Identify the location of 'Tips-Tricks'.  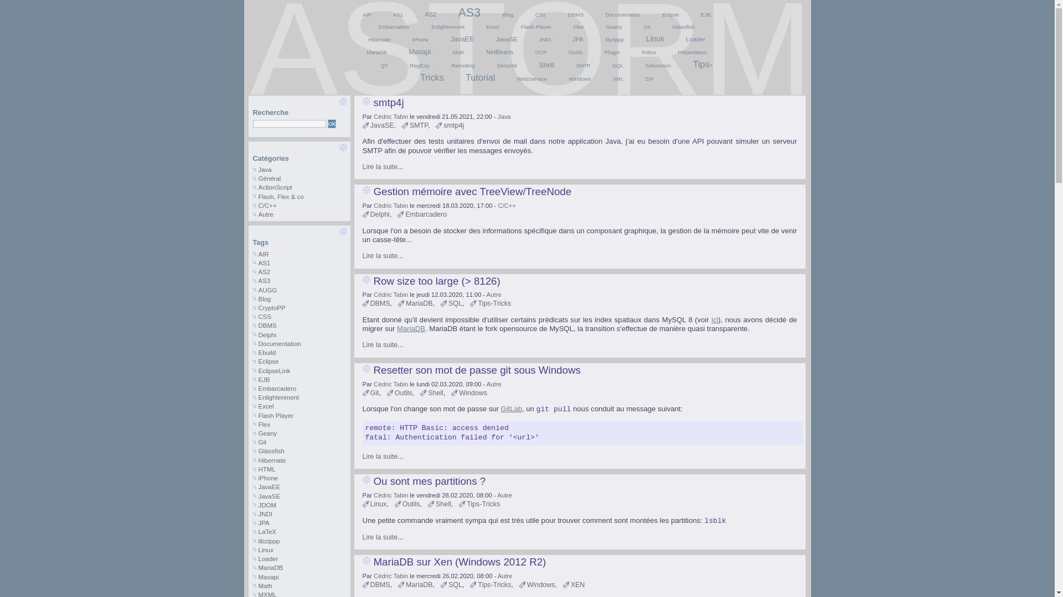
(493, 303).